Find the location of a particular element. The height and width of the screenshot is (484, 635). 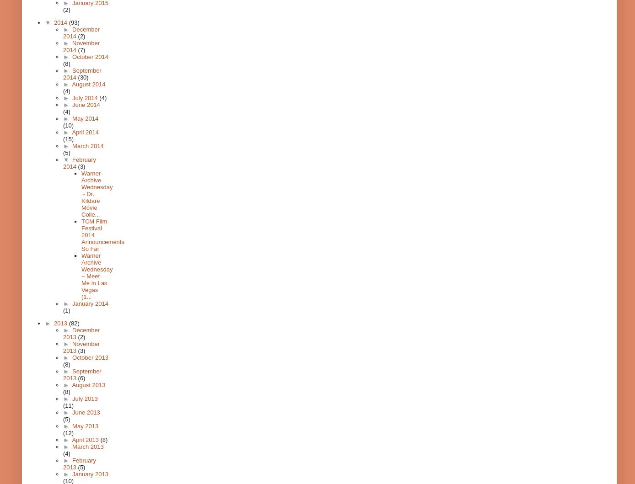

'(82)' is located at coordinates (74, 323).